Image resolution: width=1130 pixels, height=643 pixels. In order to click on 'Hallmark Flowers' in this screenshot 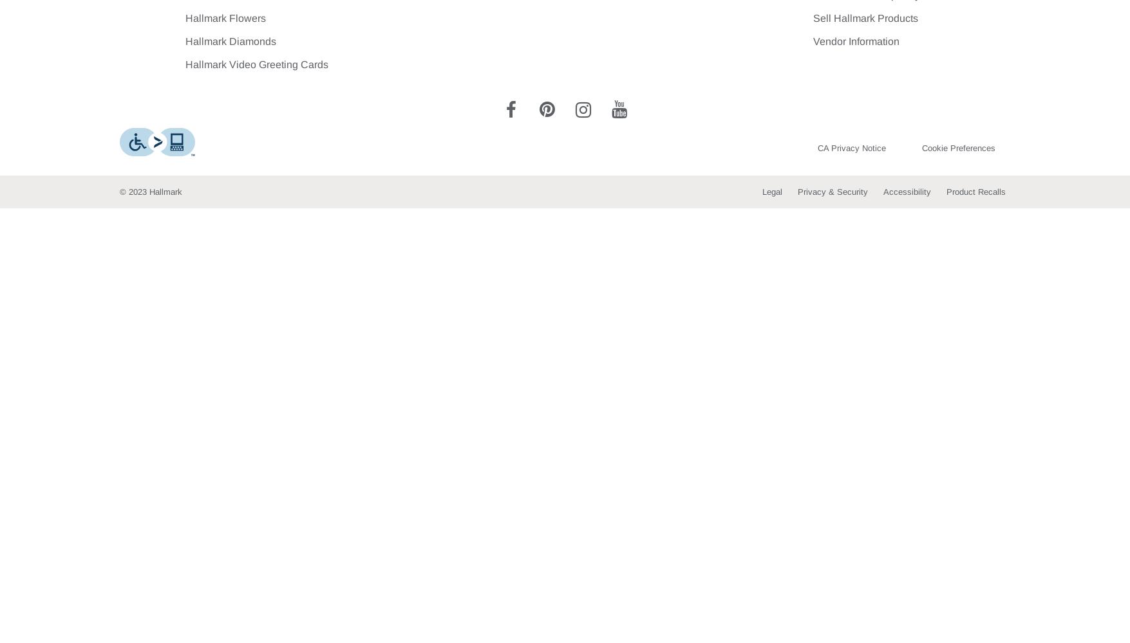, I will do `click(225, 18)`.